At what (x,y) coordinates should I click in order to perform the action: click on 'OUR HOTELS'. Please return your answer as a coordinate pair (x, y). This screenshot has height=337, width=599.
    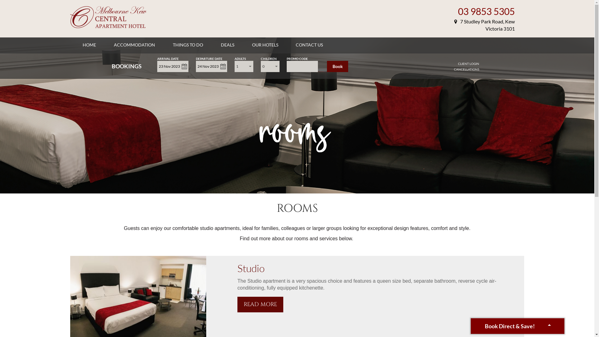
    Looking at the image, I should click on (265, 44).